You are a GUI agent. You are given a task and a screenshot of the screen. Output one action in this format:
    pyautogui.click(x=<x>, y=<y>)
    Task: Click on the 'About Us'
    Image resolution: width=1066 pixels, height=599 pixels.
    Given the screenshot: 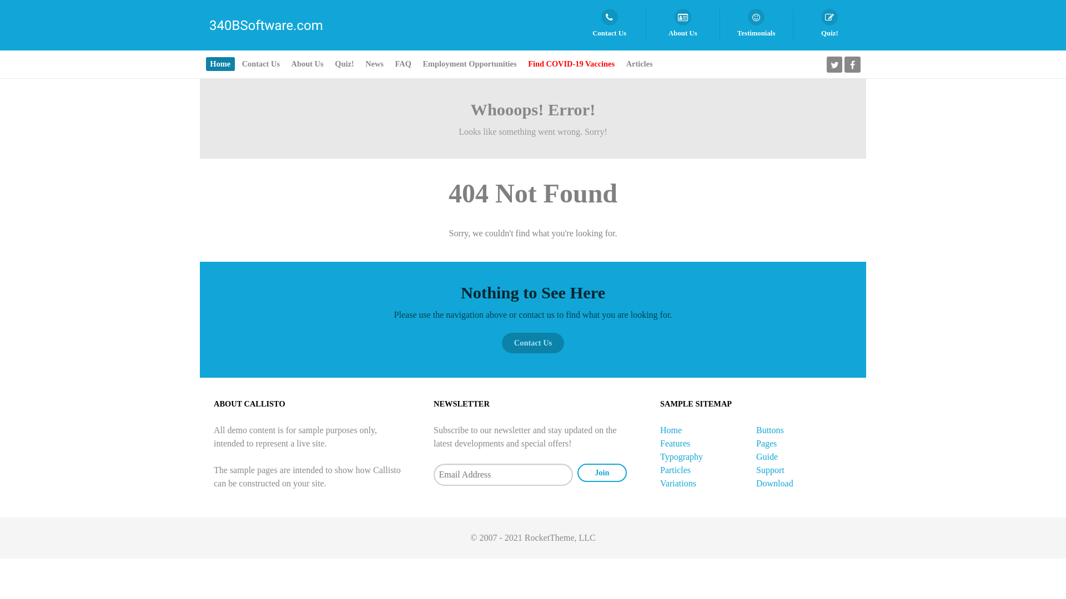 What is the action you would take?
    pyautogui.click(x=682, y=25)
    